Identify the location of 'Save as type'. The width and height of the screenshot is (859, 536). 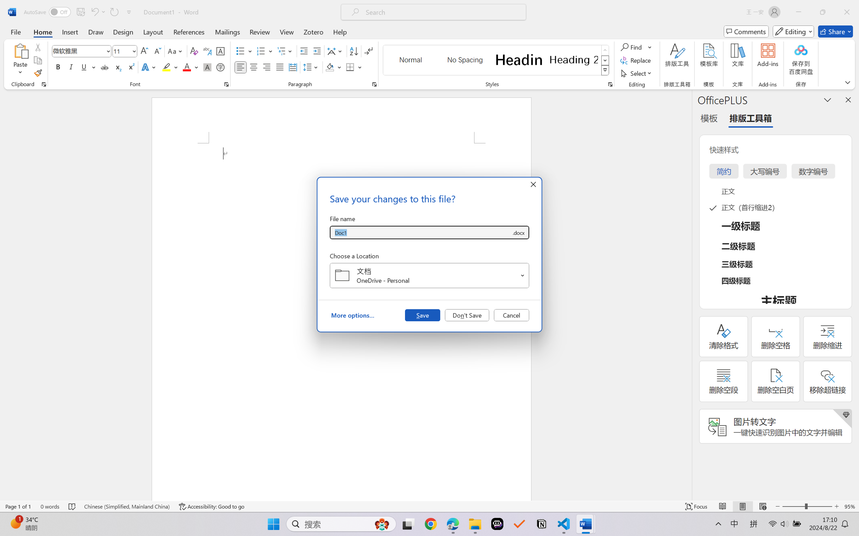
(518, 233).